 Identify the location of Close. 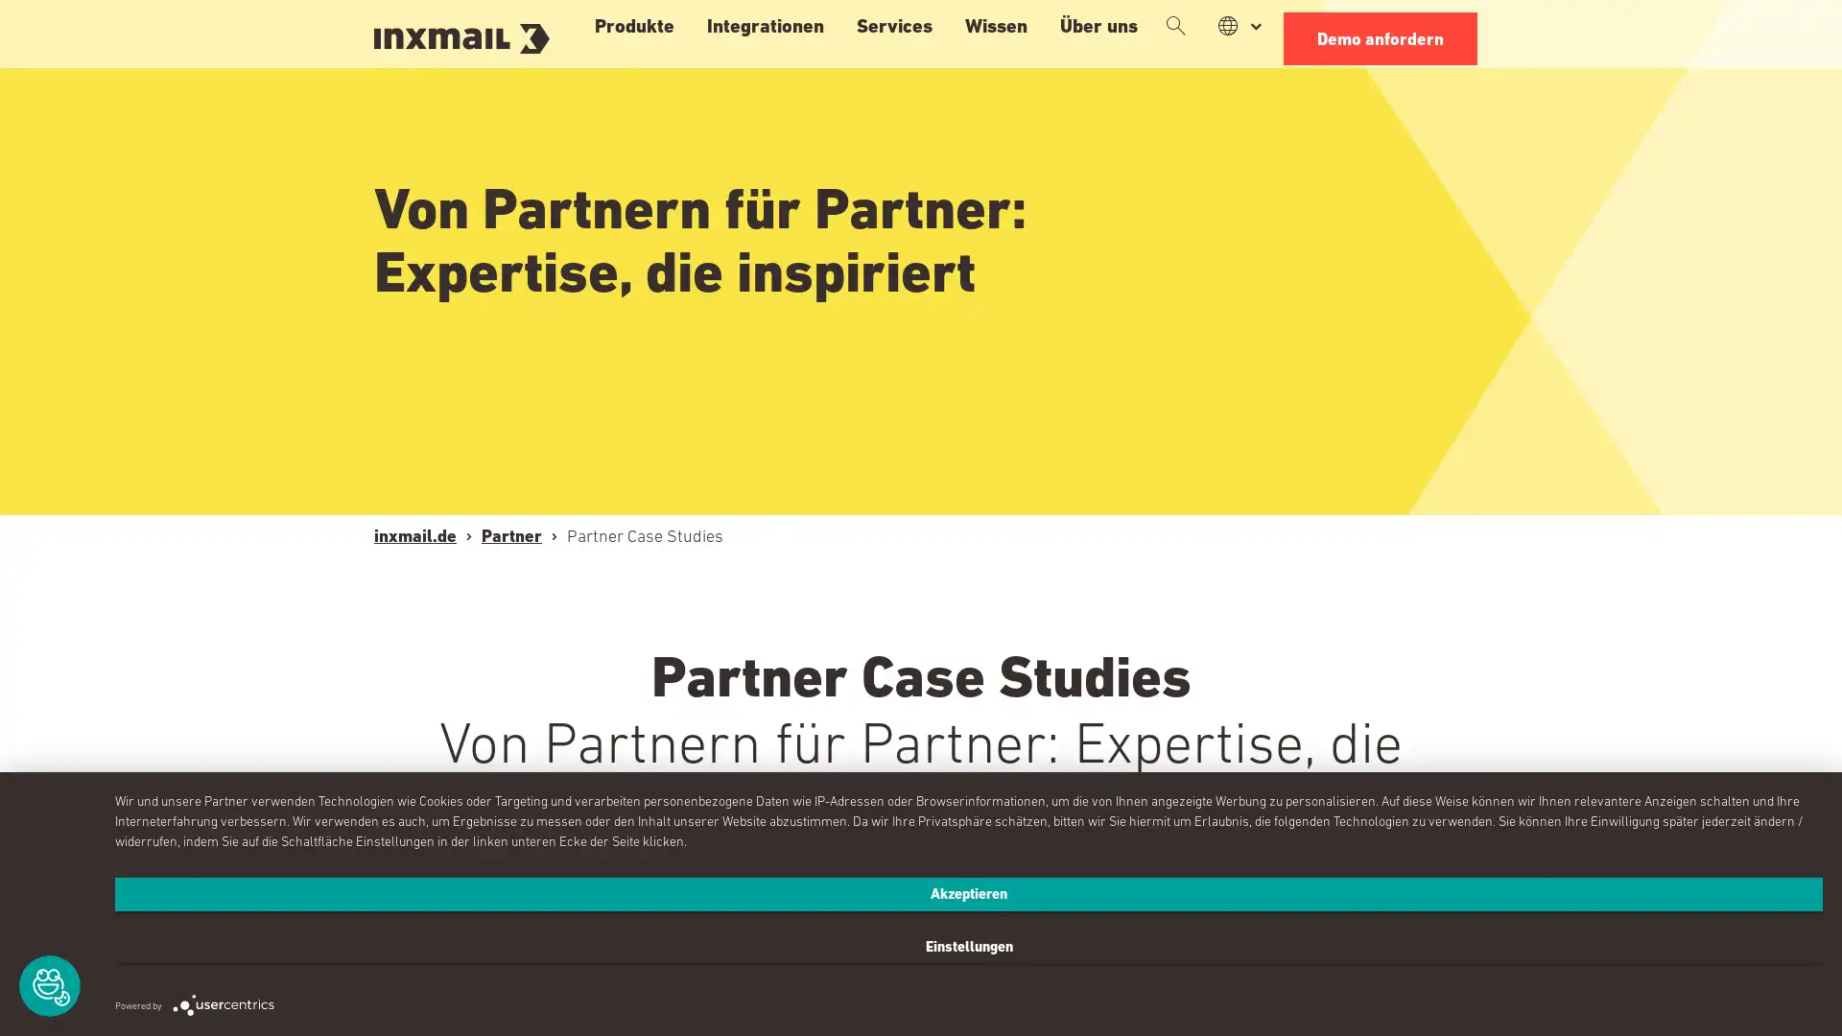
(1374, 122).